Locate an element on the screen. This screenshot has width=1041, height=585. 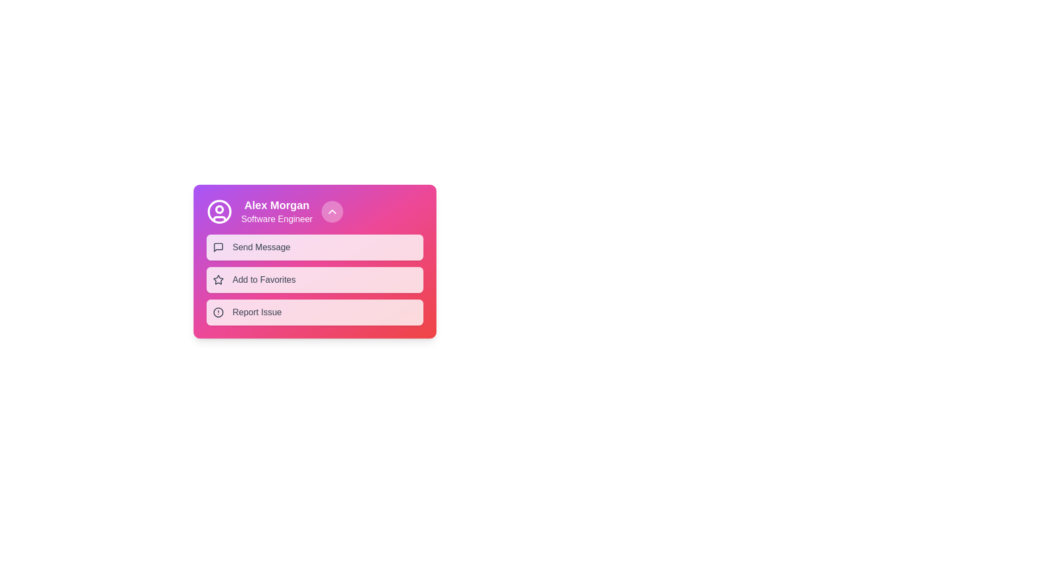
the icon button located at the top-right corner of the main card containing user information is located at coordinates (331, 211).